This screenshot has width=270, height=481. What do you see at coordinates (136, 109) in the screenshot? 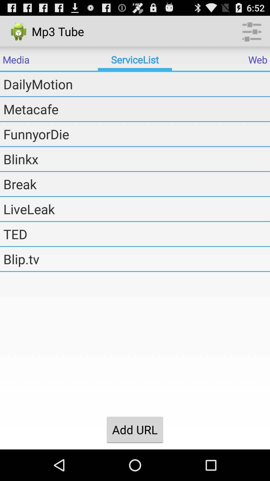
I see `the metacafe item` at bounding box center [136, 109].